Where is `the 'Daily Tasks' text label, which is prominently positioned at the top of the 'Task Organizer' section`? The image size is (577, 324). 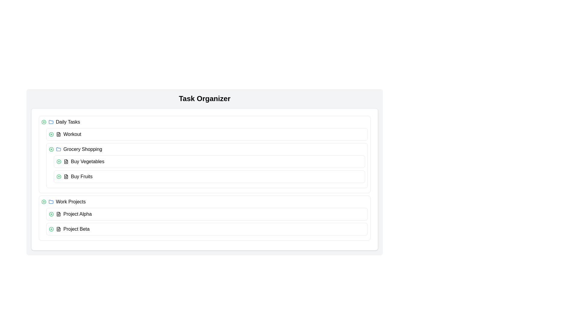 the 'Daily Tasks' text label, which is prominently positioned at the top of the 'Task Organizer' section is located at coordinates (68, 122).